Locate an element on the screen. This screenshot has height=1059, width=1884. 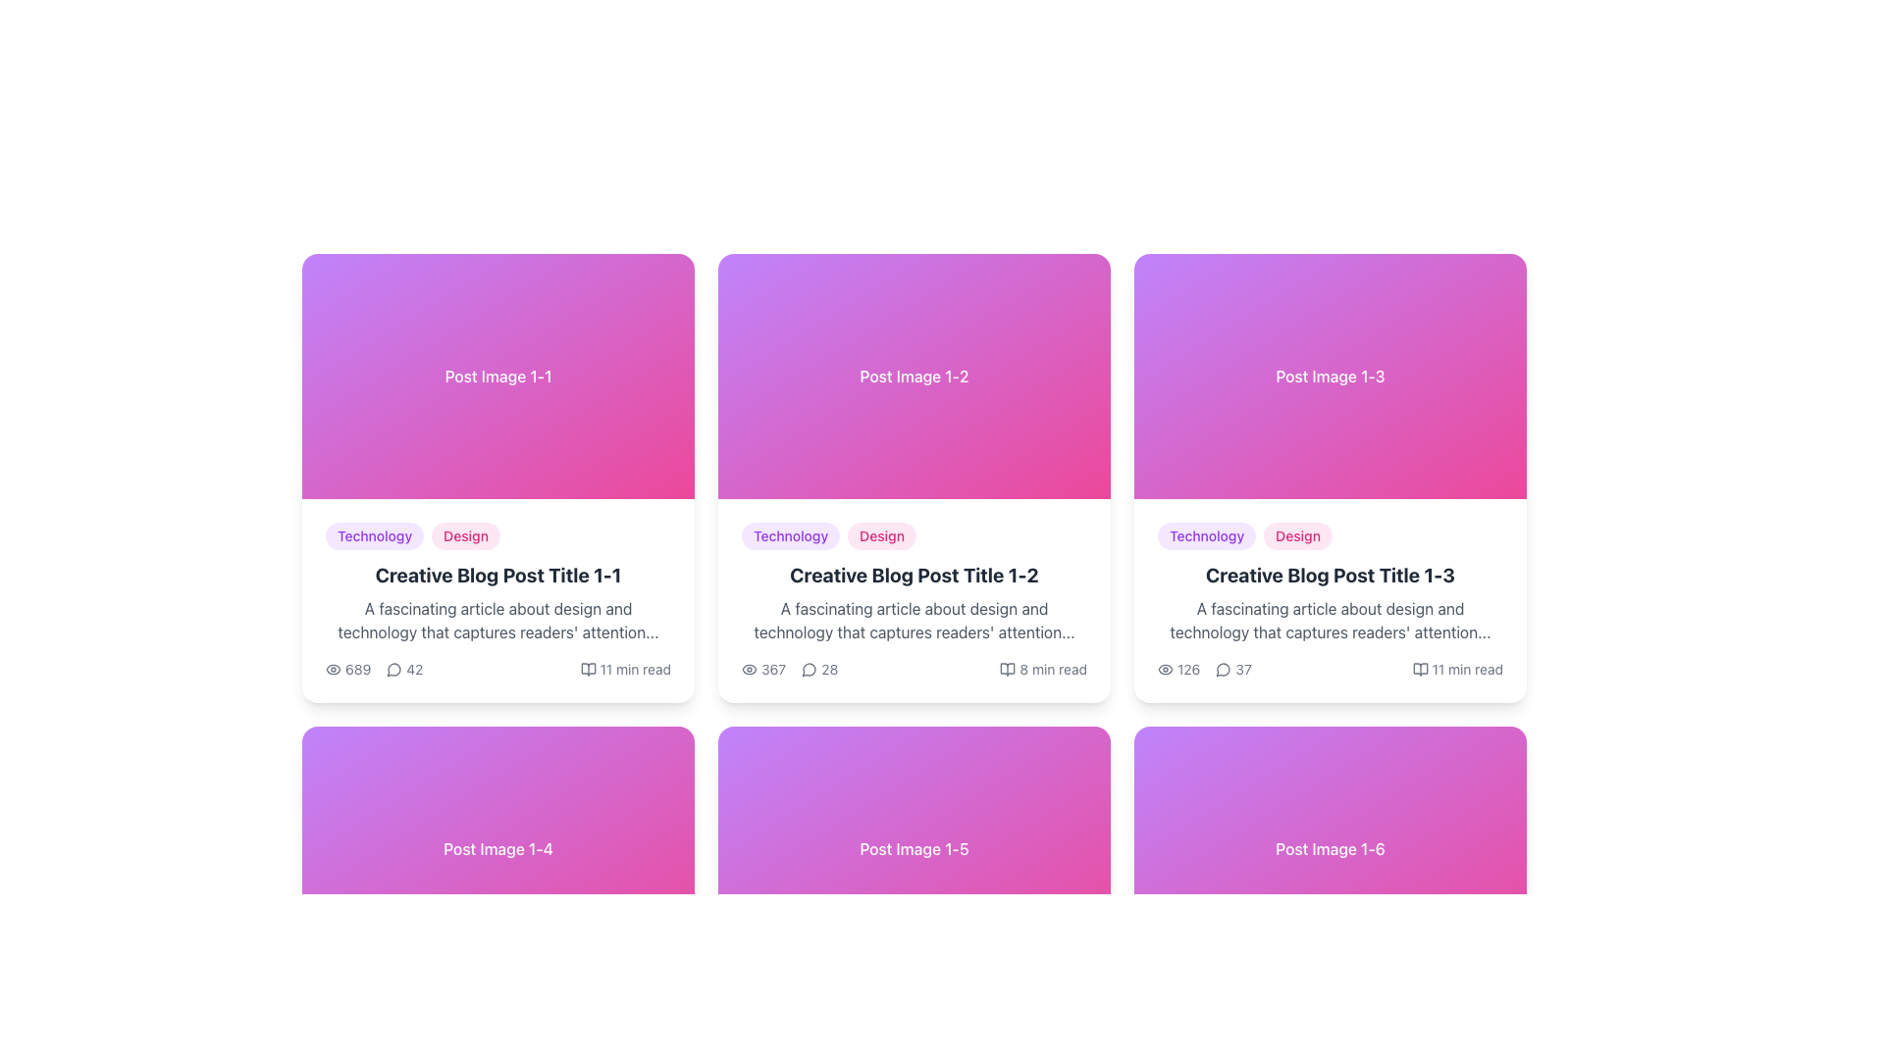
the small grayish eye icon indicating visibility, located beside the numeric value '126' in the bottom section of the card for 'Creative Blog Post Title 1-3' is located at coordinates (1166, 668).